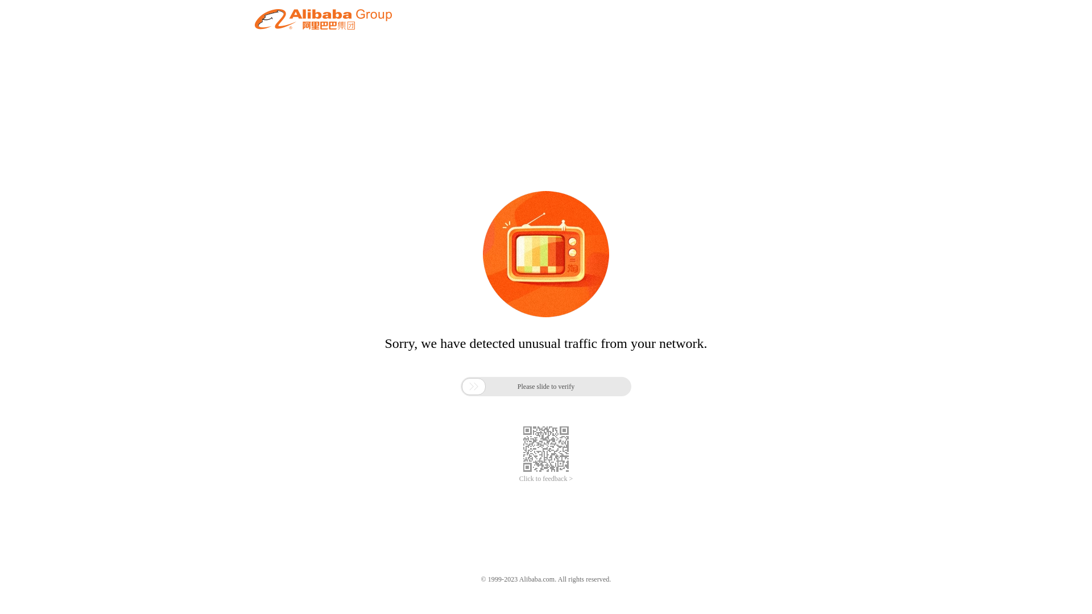 The image size is (1092, 614). I want to click on 'Click to feedback >', so click(546, 479).